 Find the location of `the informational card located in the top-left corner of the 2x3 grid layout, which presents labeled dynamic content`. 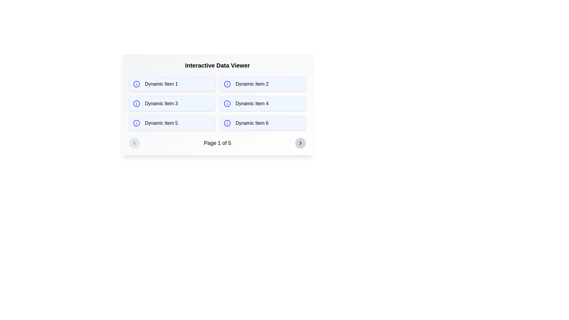

the informational card located in the top-left corner of the 2x3 grid layout, which presents labeled dynamic content is located at coordinates (172, 84).